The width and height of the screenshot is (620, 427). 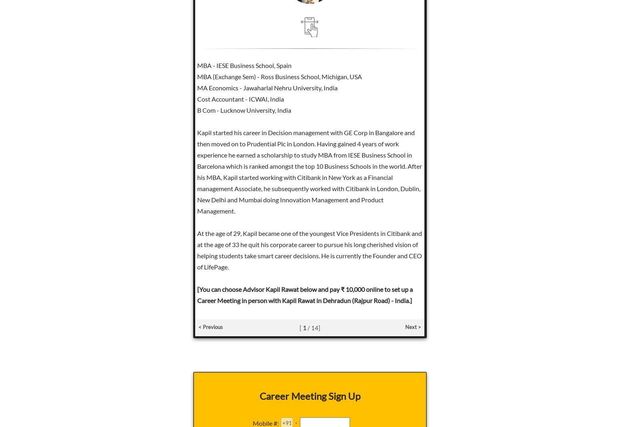 I want to click on 'Previous', so click(x=212, y=326).